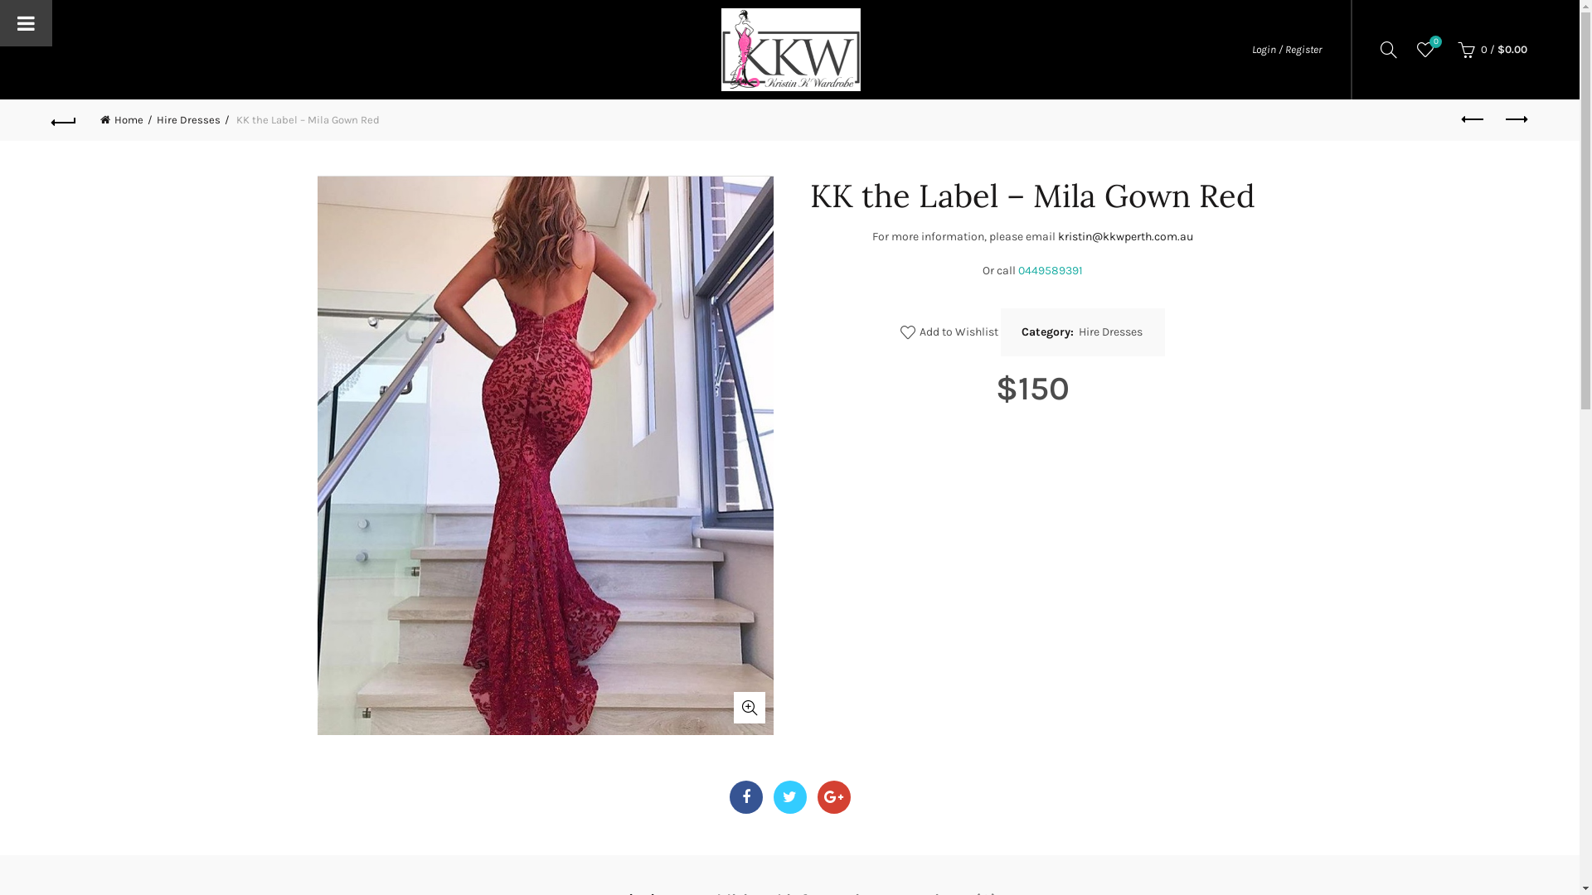 The width and height of the screenshot is (1592, 895). Describe the element at coordinates (1490, 49) in the screenshot. I see `'0 / $0.00'` at that location.